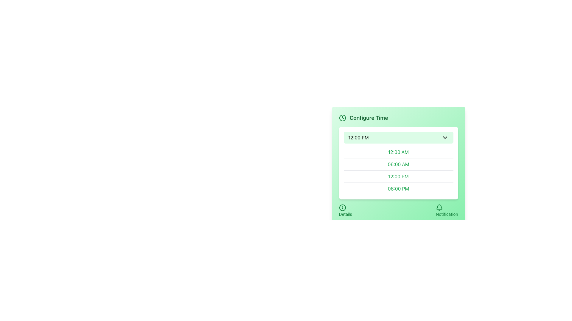 This screenshot has height=321, width=572. What do you see at coordinates (398, 137) in the screenshot?
I see `the Dropdown toggle control` at bounding box center [398, 137].